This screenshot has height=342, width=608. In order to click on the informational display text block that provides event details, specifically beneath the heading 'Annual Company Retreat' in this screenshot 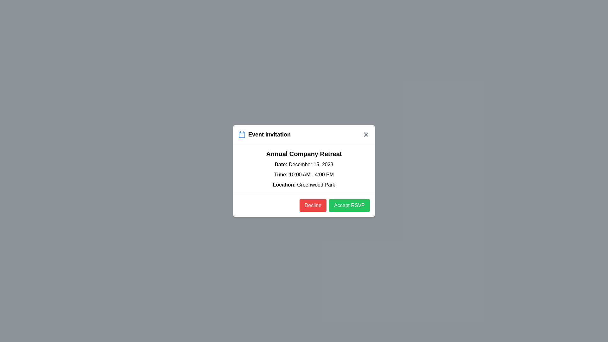, I will do `click(304, 174)`.